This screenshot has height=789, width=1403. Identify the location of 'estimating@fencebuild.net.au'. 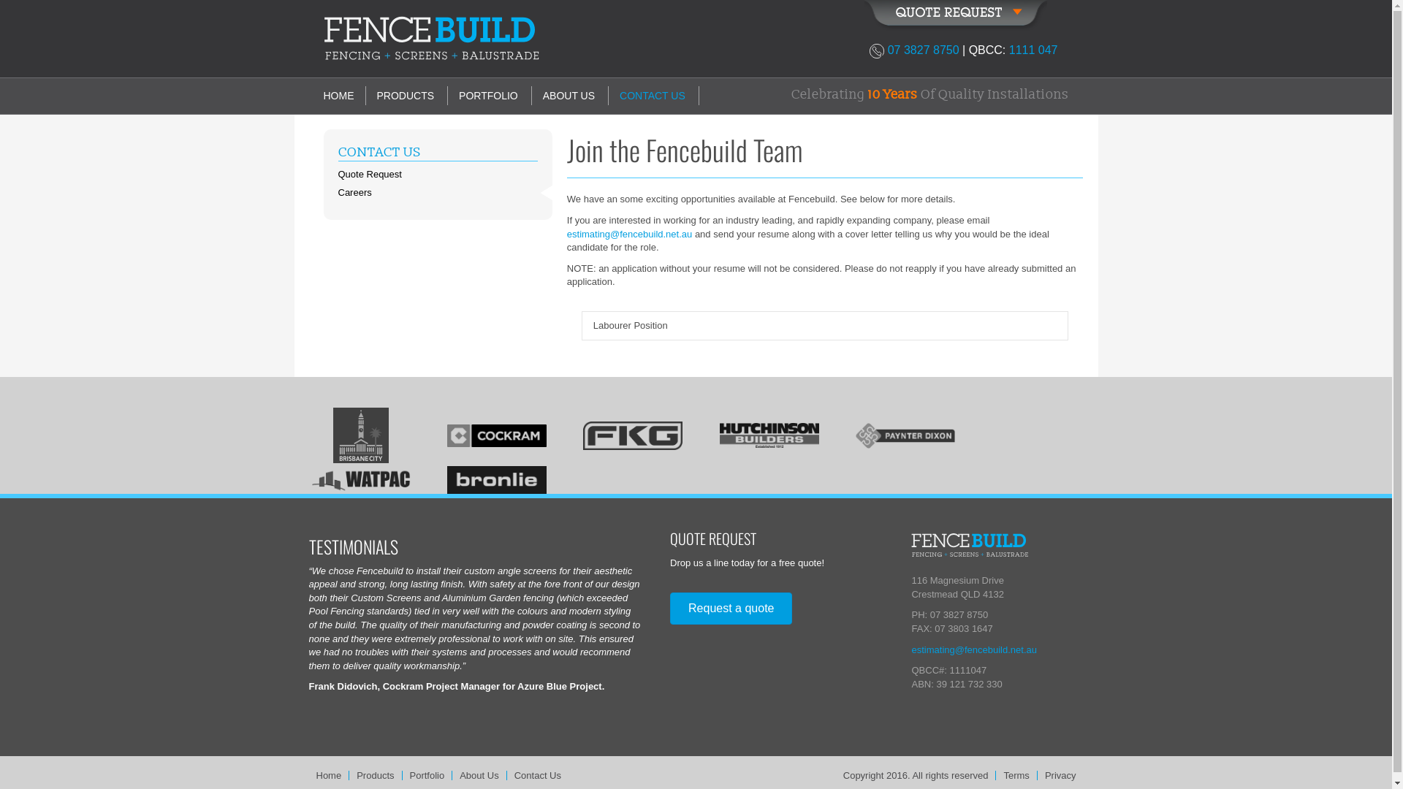
(973, 649).